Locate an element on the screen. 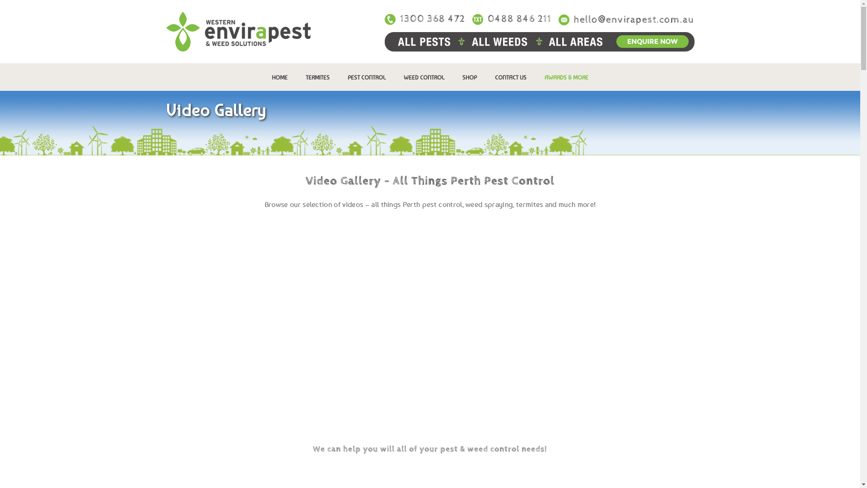 Image resolution: width=867 pixels, height=488 pixels. 'SHOP' is located at coordinates (462, 76).